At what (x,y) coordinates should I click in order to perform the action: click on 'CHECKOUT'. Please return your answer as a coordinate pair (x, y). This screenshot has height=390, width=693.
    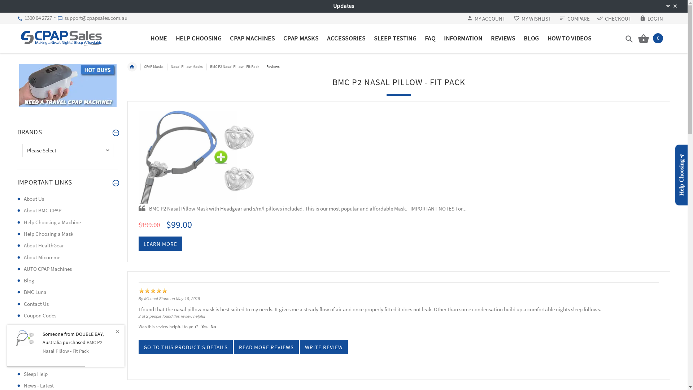
    Looking at the image, I should click on (597, 18).